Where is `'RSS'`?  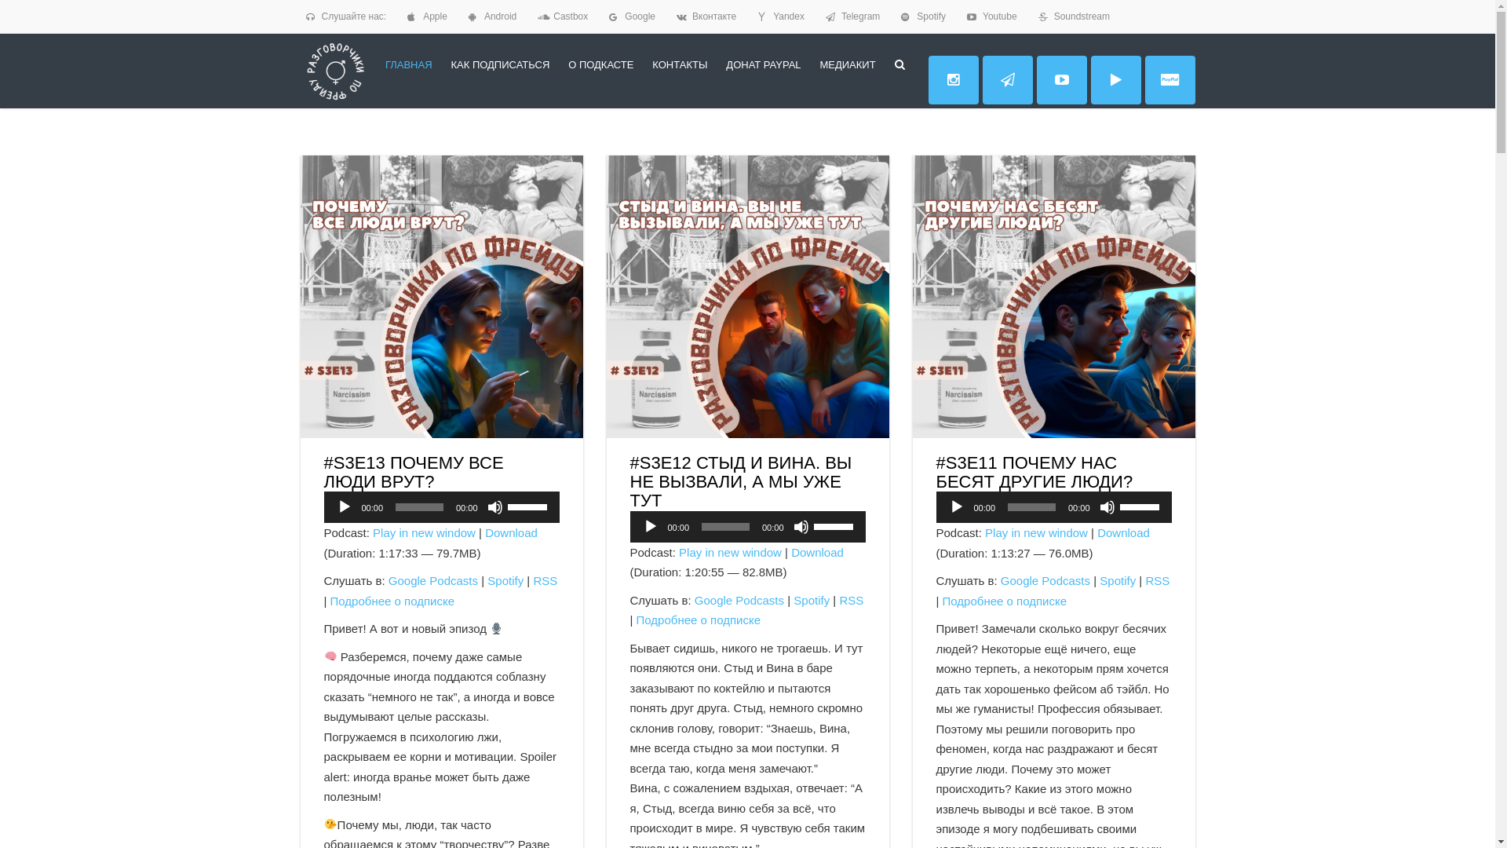
'RSS' is located at coordinates (532, 580).